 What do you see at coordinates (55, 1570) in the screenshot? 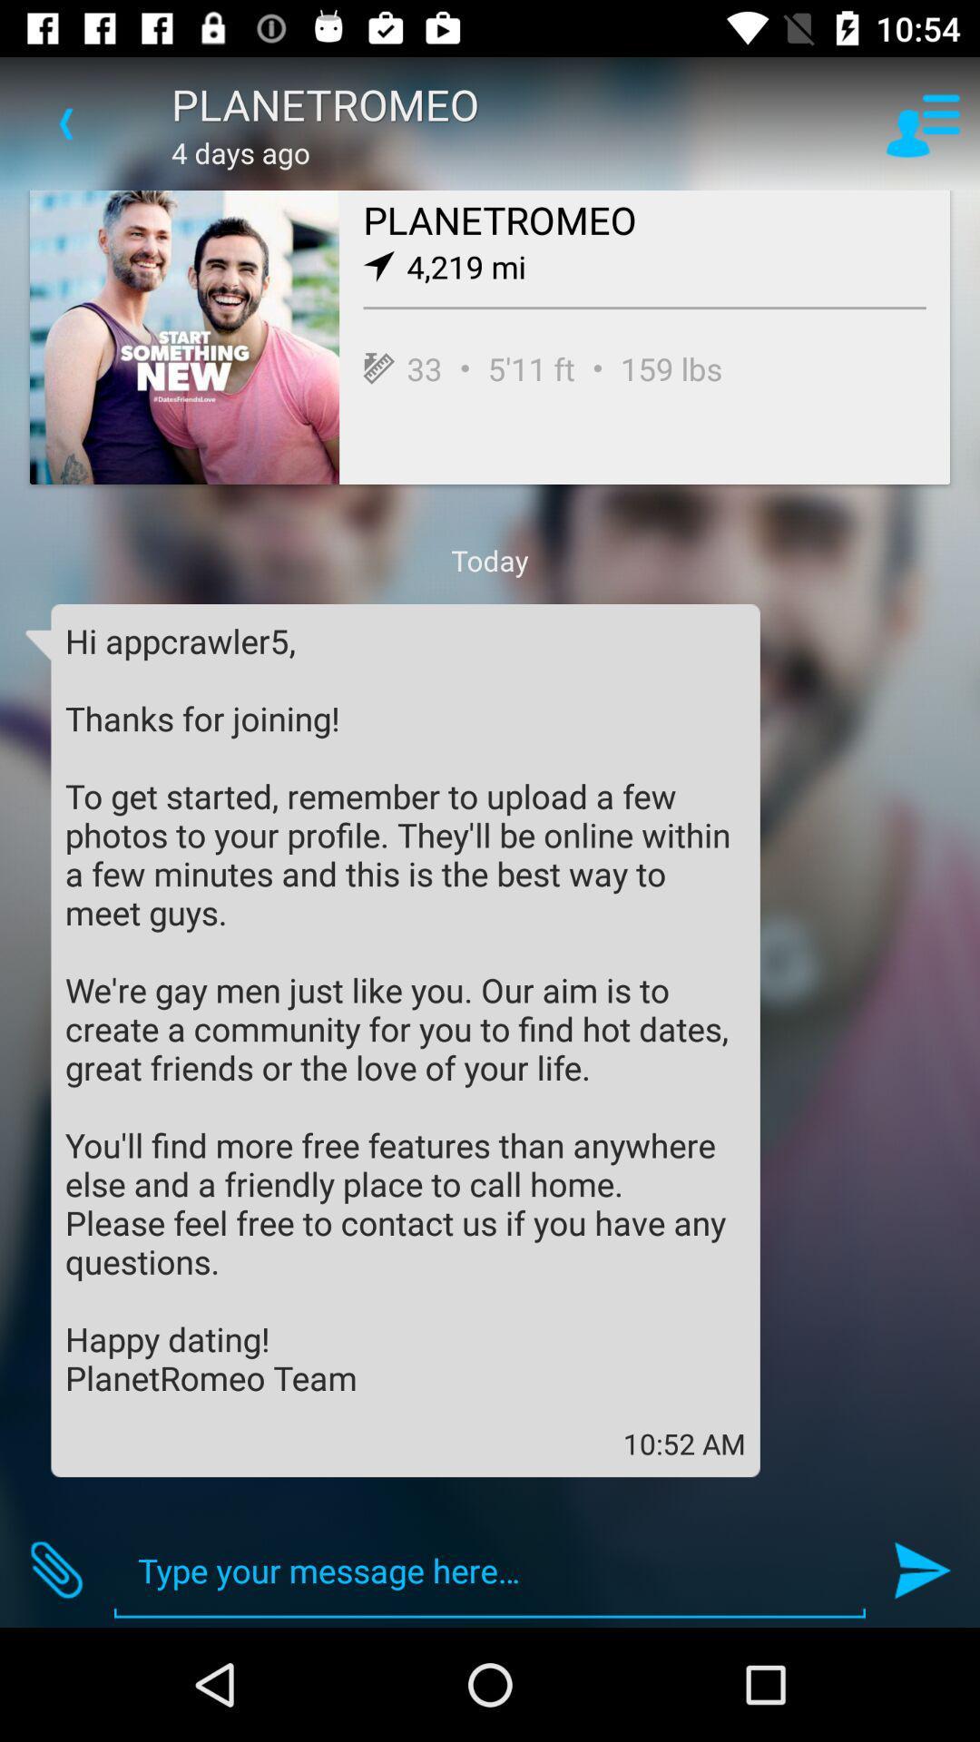
I see `the icon below the hi appcrawler5 thanks icon` at bounding box center [55, 1570].